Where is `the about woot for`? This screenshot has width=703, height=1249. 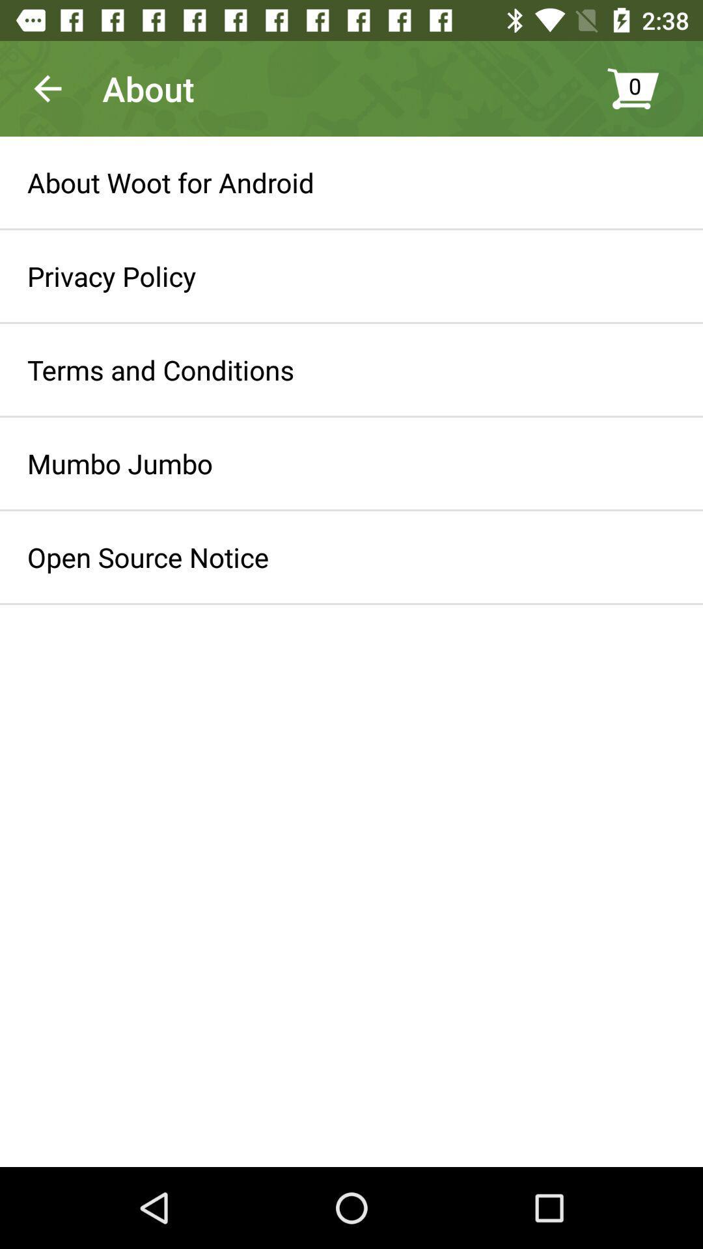 the about woot for is located at coordinates (170, 181).